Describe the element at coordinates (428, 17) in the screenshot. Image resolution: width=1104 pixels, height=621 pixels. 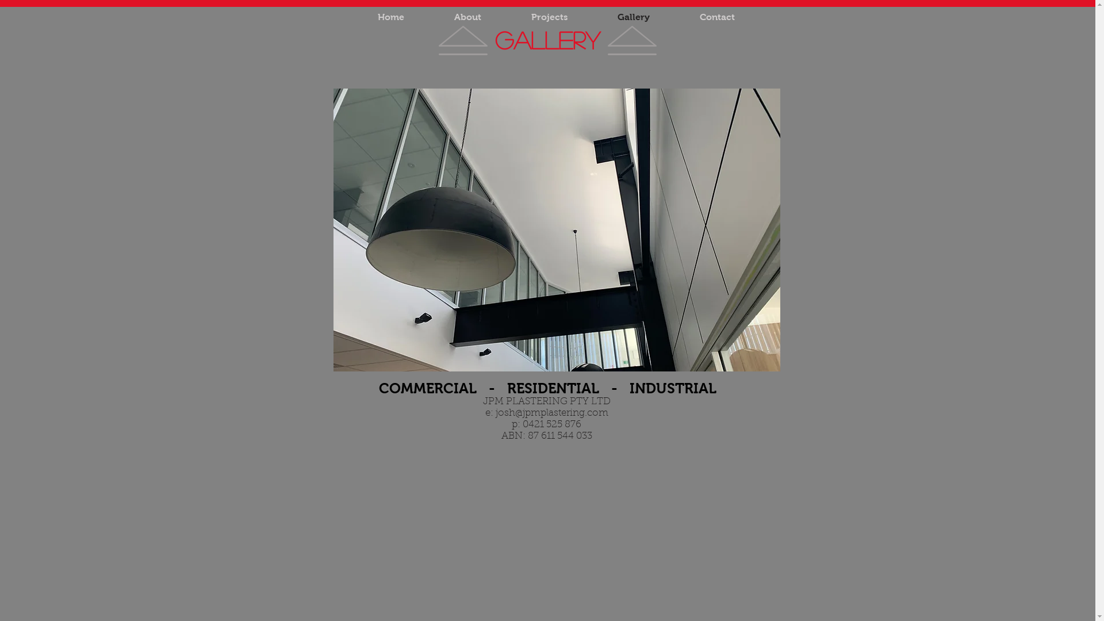
I see `'About'` at that location.